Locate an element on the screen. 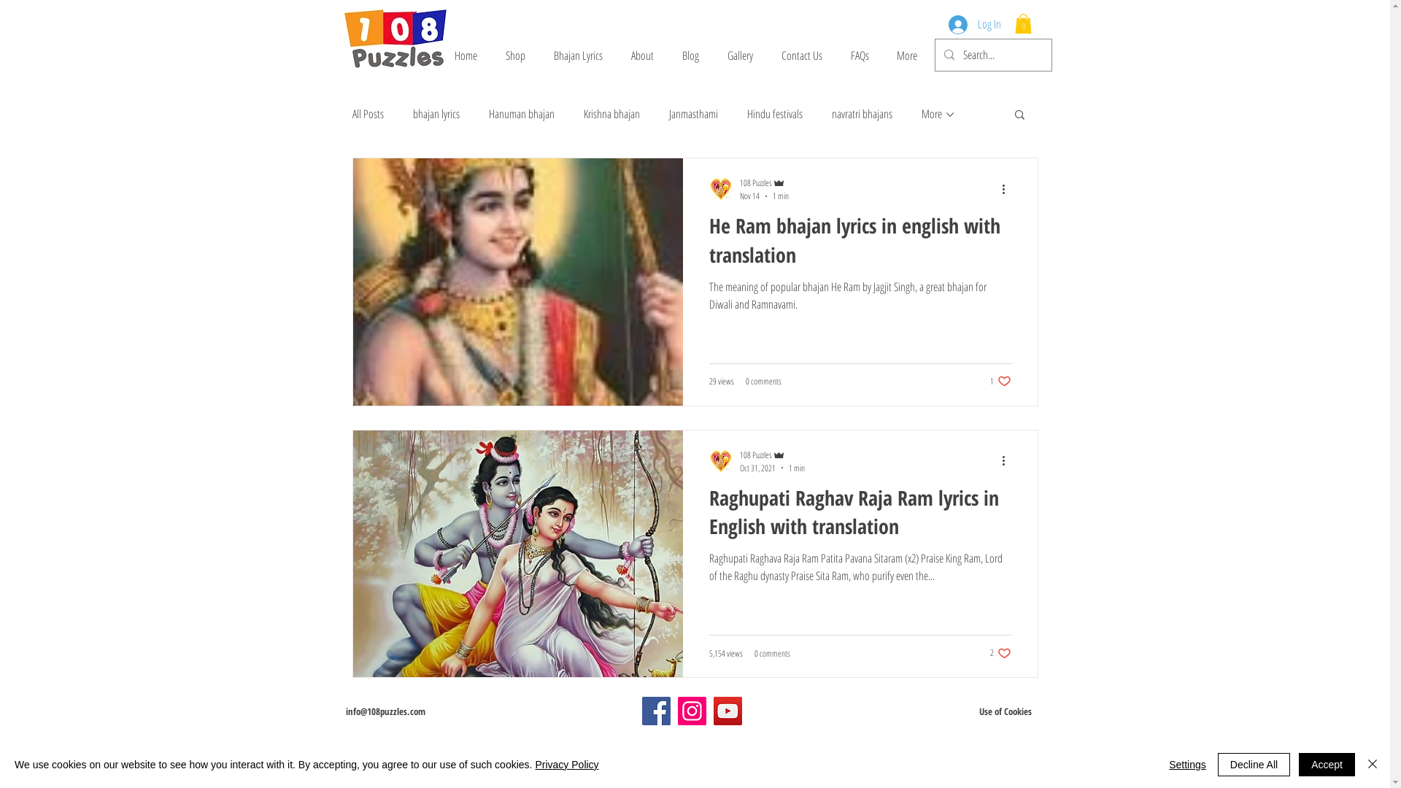 This screenshot has height=788, width=1401. 'Privacy Policy' is located at coordinates (566, 764).